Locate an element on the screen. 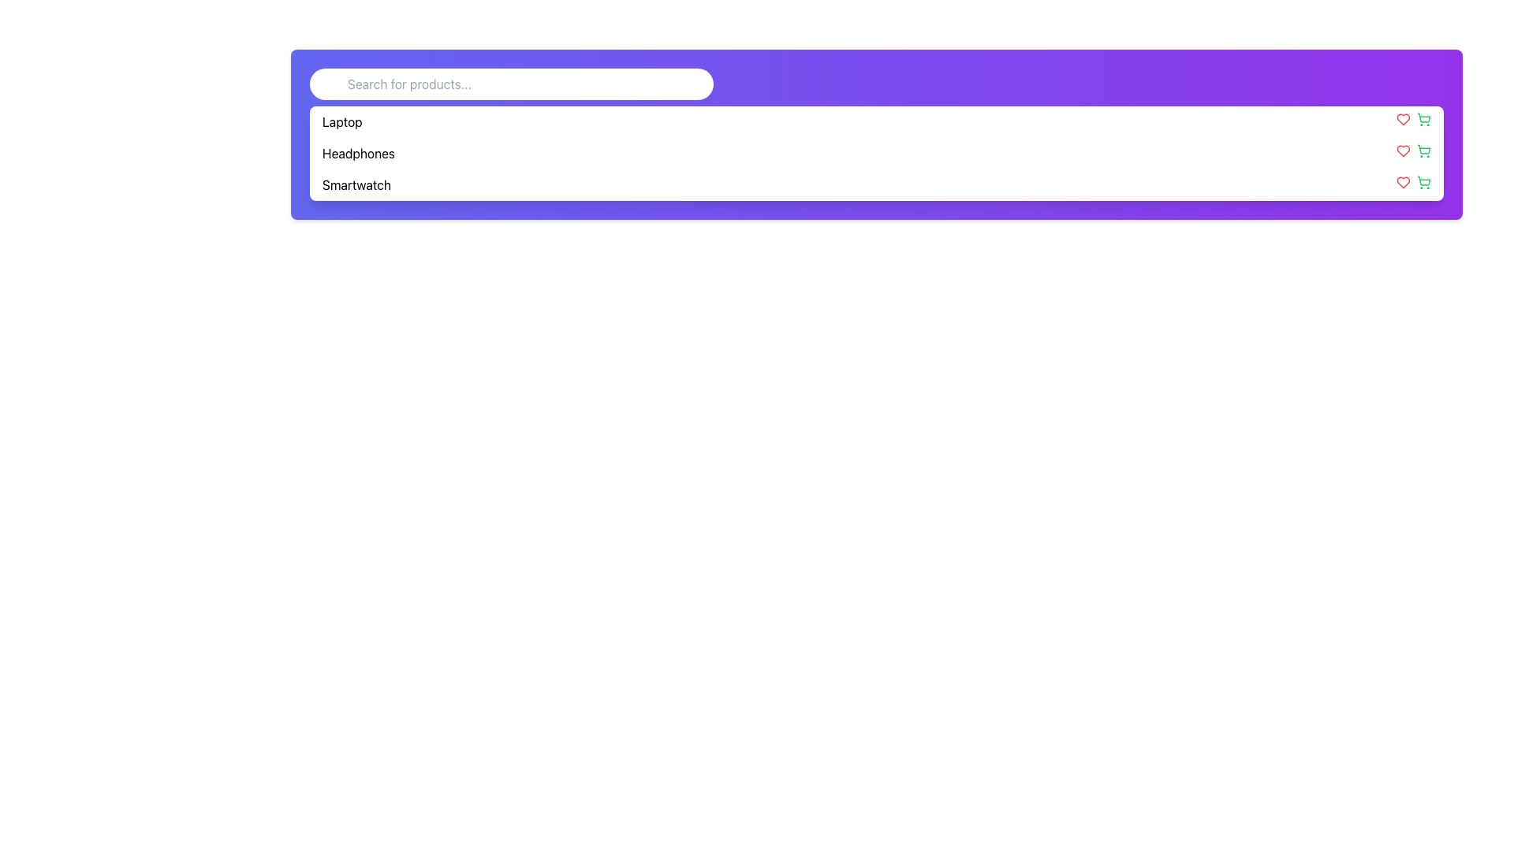 The height and width of the screenshot is (851, 1514). the 'Laptop' text label, which is the first option in a dropdown list under the search bar is located at coordinates (341, 121).